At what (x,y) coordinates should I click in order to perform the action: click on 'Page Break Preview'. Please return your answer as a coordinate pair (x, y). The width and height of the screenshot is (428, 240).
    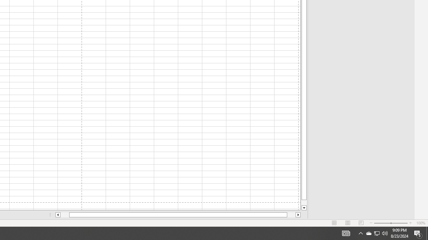
    Looking at the image, I should click on (360, 223).